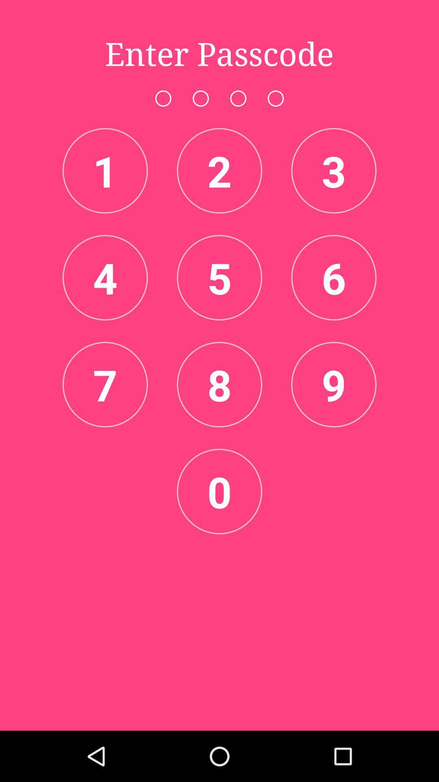 This screenshot has width=439, height=782. What do you see at coordinates (334, 277) in the screenshot?
I see `the icon next to the 5 item` at bounding box center [334, 277].